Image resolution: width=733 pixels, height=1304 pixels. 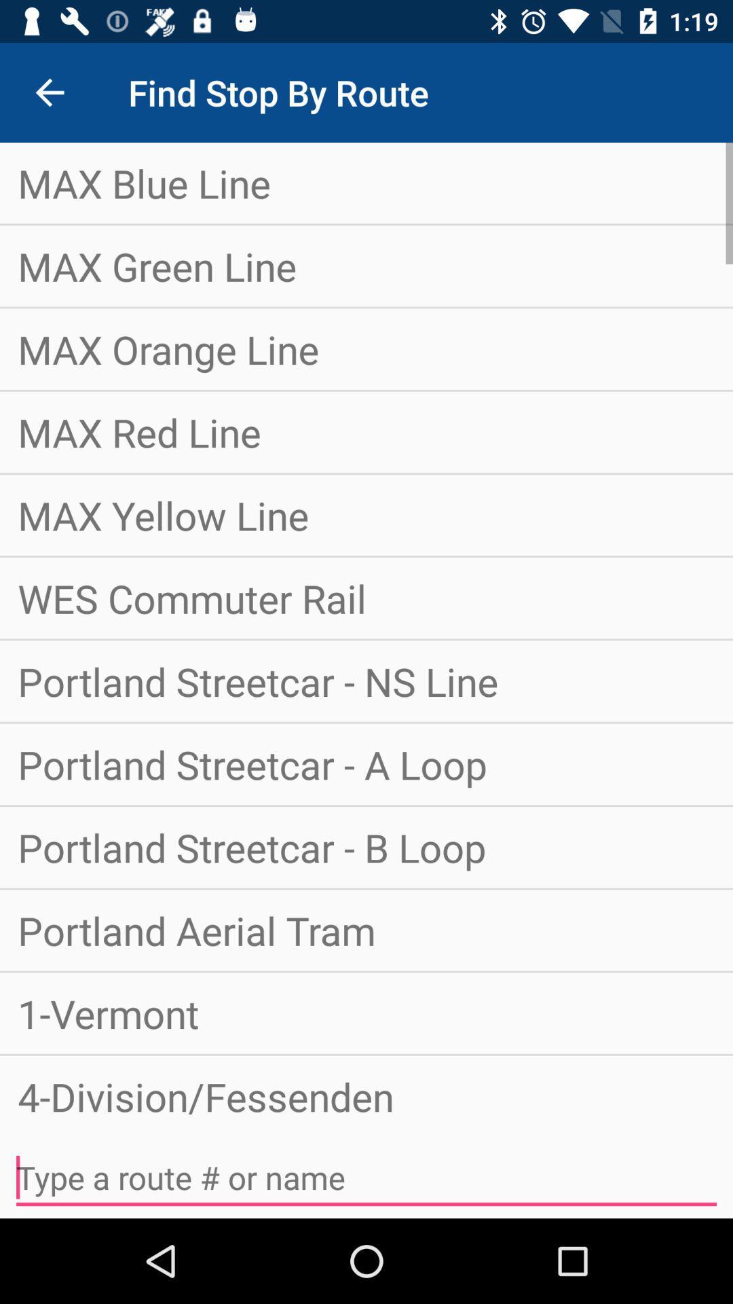 What do you see at coordinates (366, 929) in the screenshot?
I see `the icon below the portland streetcar b` at bounding box center [366, 929].